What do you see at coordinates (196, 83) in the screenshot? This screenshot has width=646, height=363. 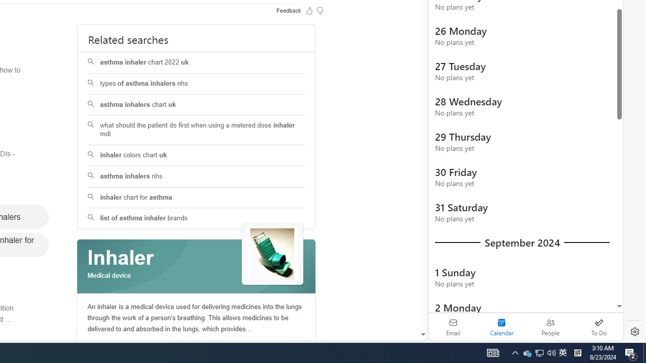 I see `'types of asthma inhalers nhs'` at bounding box center [196, 83].